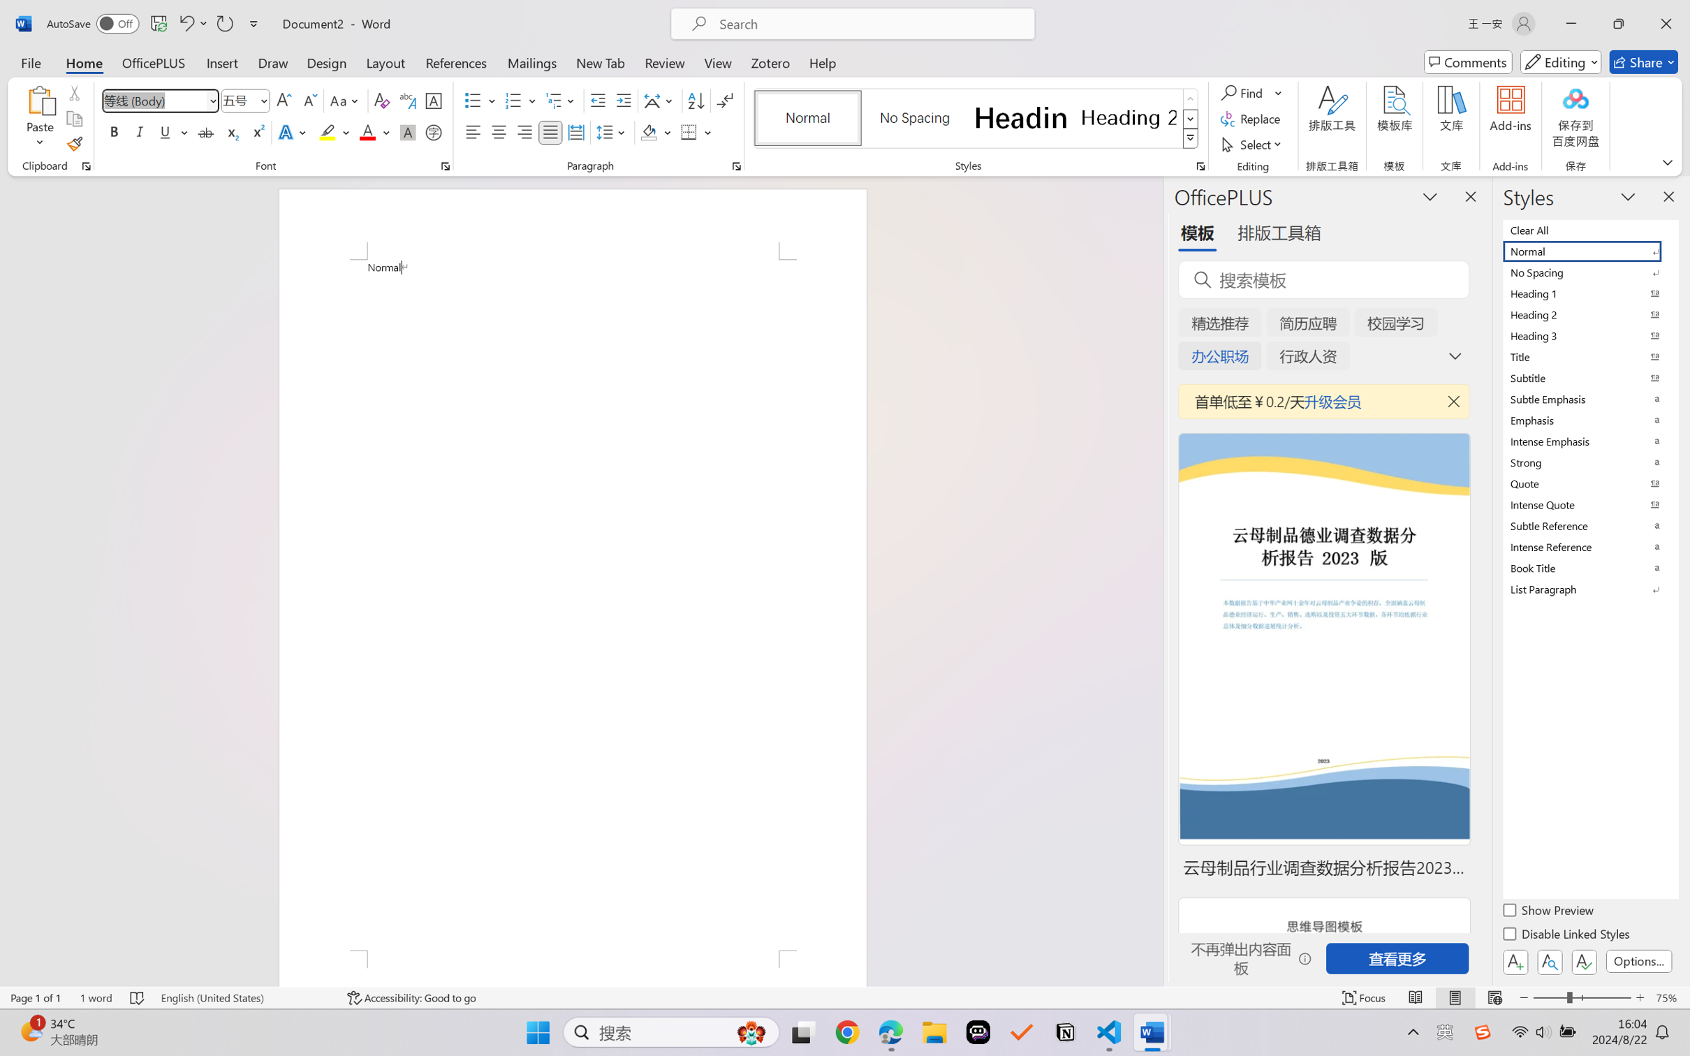  I want to click on 'AutomationID: QuickStylesGallery', so click(976, 119).